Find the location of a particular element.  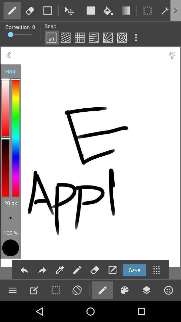

the edit icon is located at coordinates (77, 270).